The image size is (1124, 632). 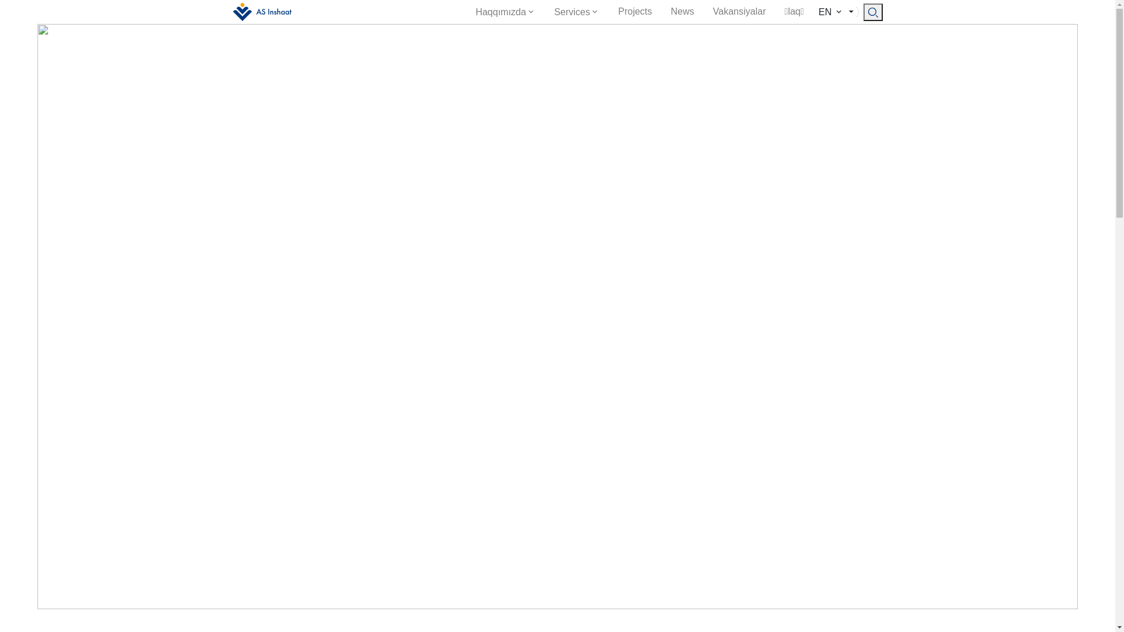 What do you see at coordinates (634, 11) in the screenshot?
I see `'Projects'` at bounding box center [634, 11].